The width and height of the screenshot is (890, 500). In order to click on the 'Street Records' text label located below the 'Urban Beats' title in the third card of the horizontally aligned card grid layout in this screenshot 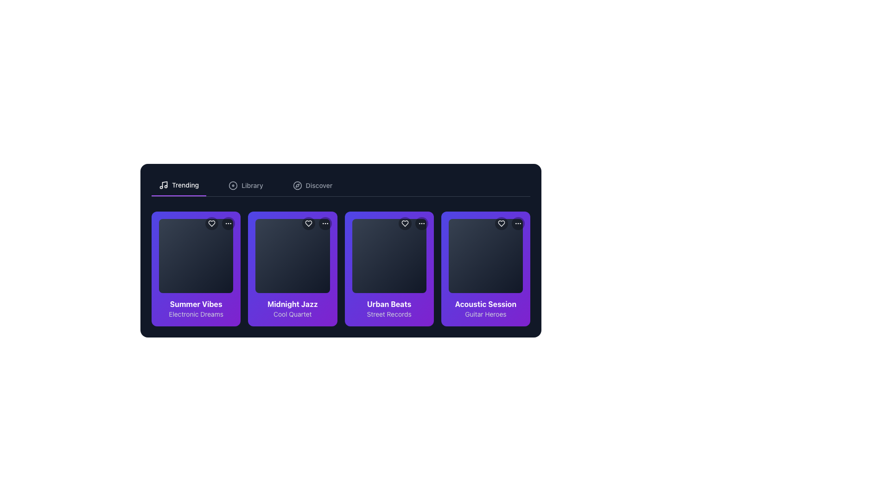, I will do `click(389, 314)`.